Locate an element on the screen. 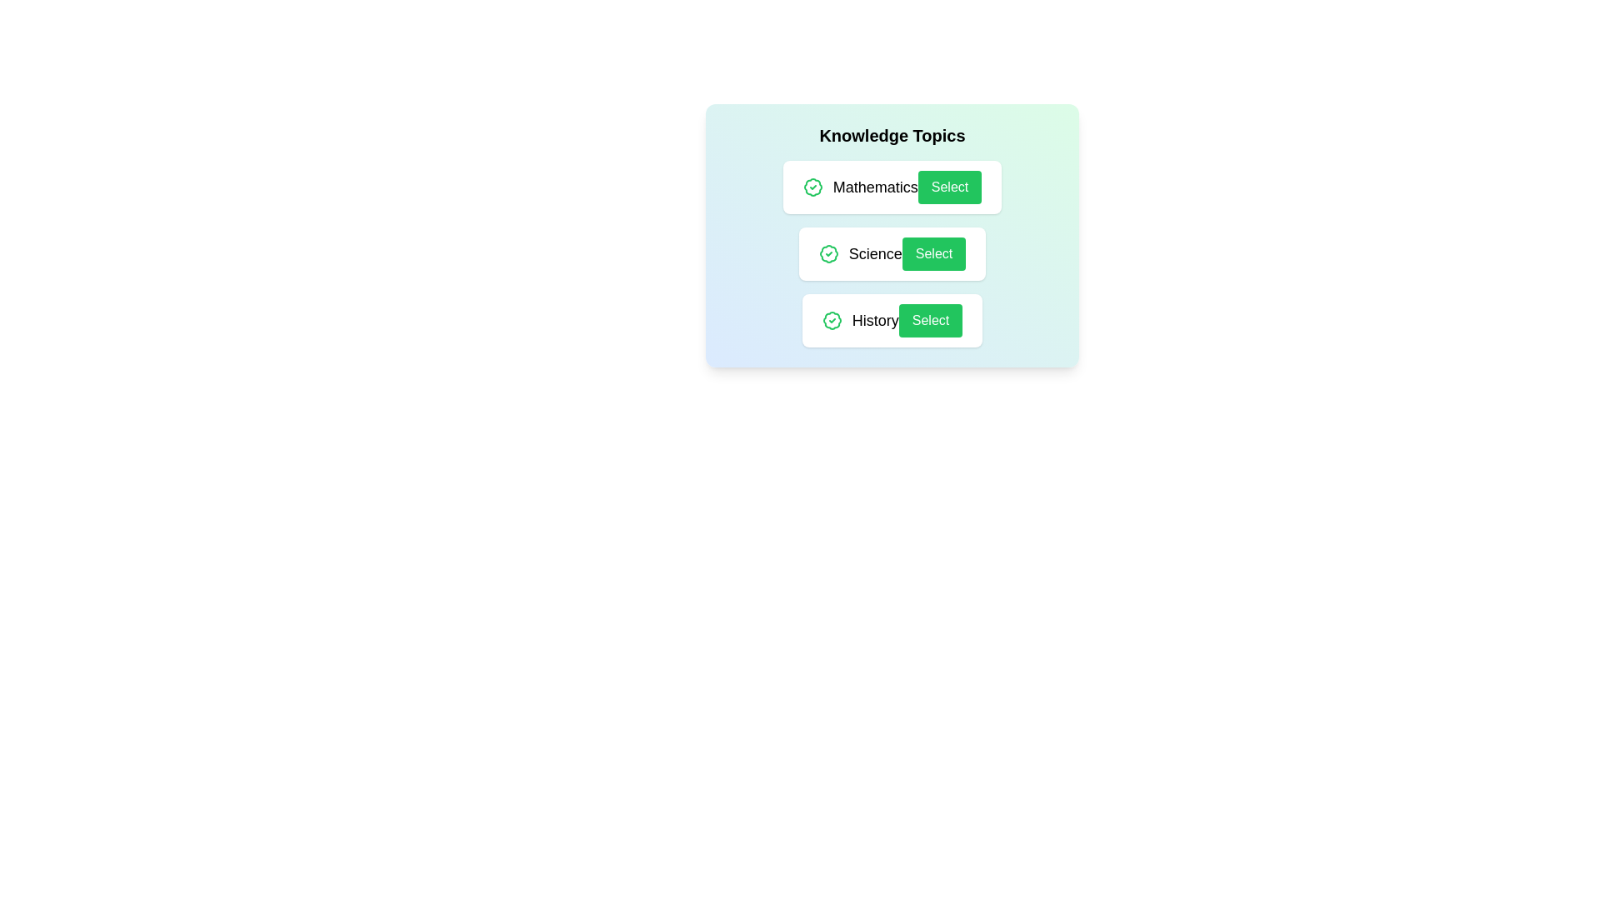 Image resolution: width=1600 pixels, height=900 pixels. the topic entry for Mathematics is located at coordinates (891, 187).